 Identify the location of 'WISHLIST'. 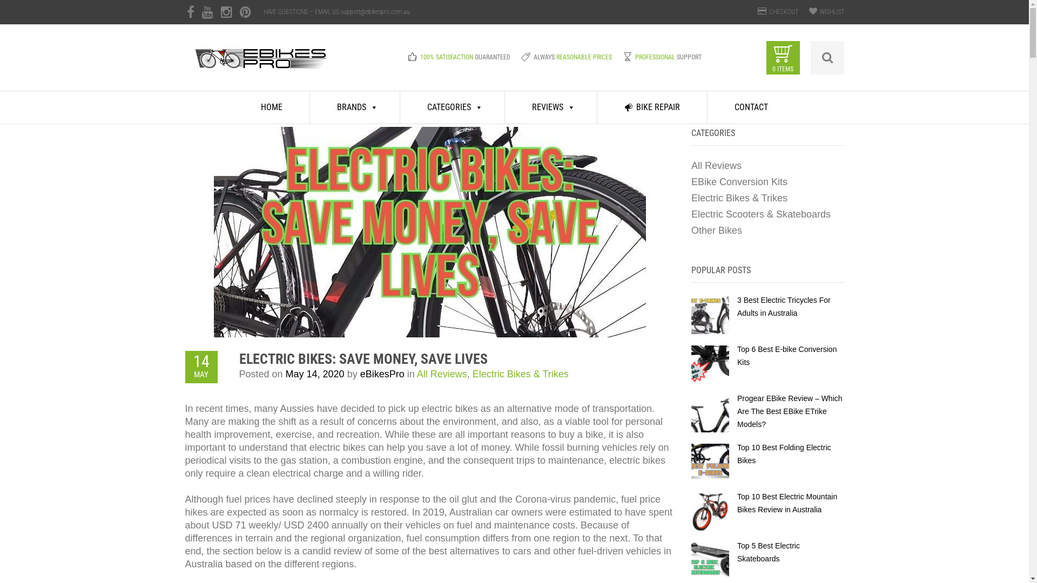
(831, 12).